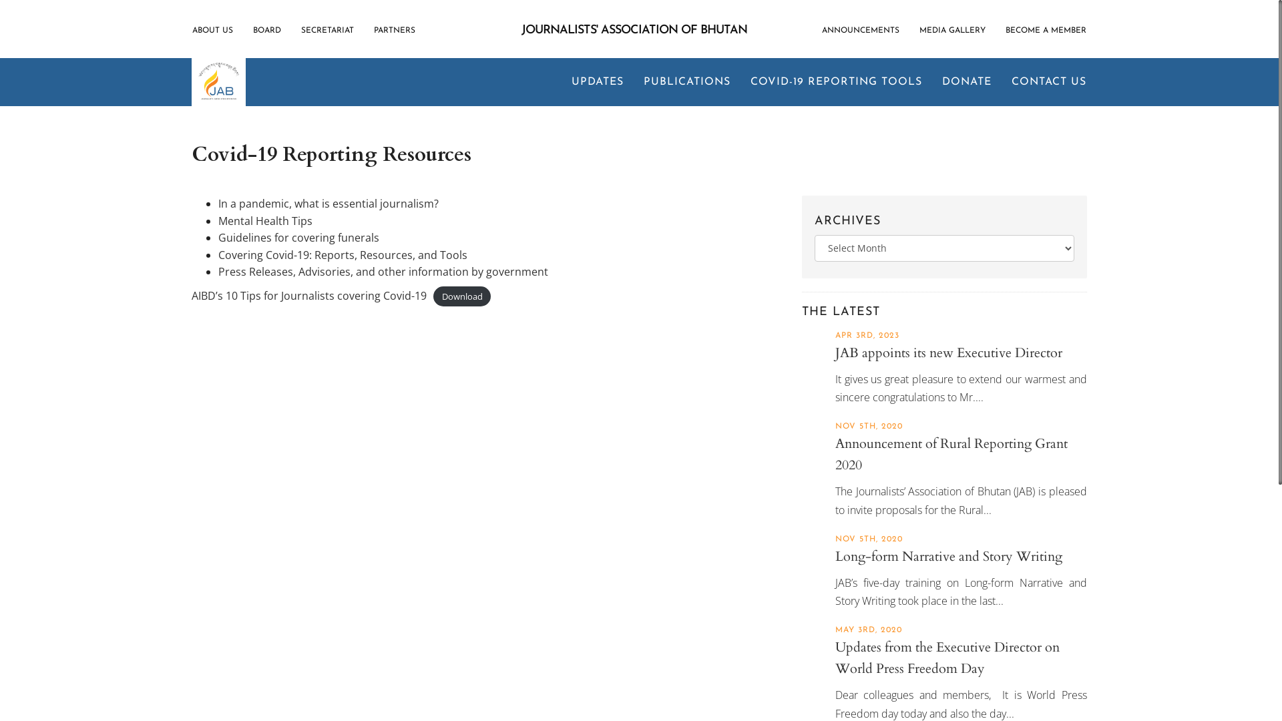 This screenshot has width=1282, height=721. Describe the element at coordinates (327, 30) in the screenshot. I see `'SECRETARIAT'` at that location.